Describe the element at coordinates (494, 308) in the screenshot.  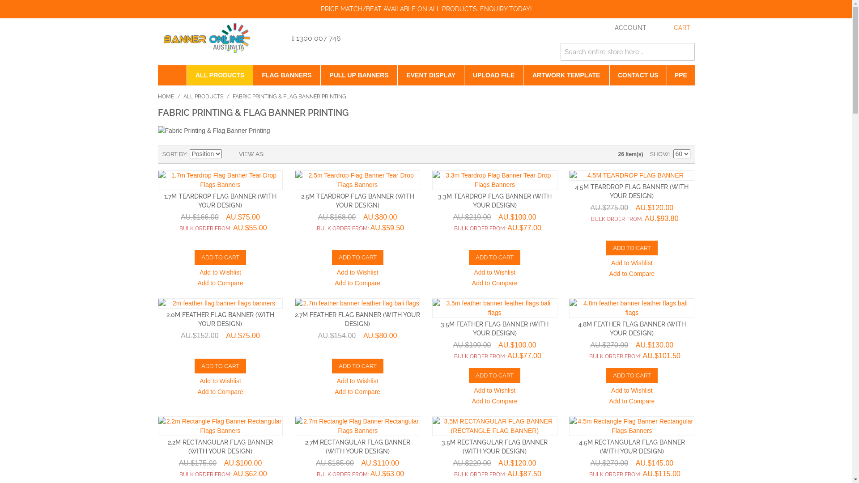
I see `'3.5m feather banner feather flags bali flags'` at that location.